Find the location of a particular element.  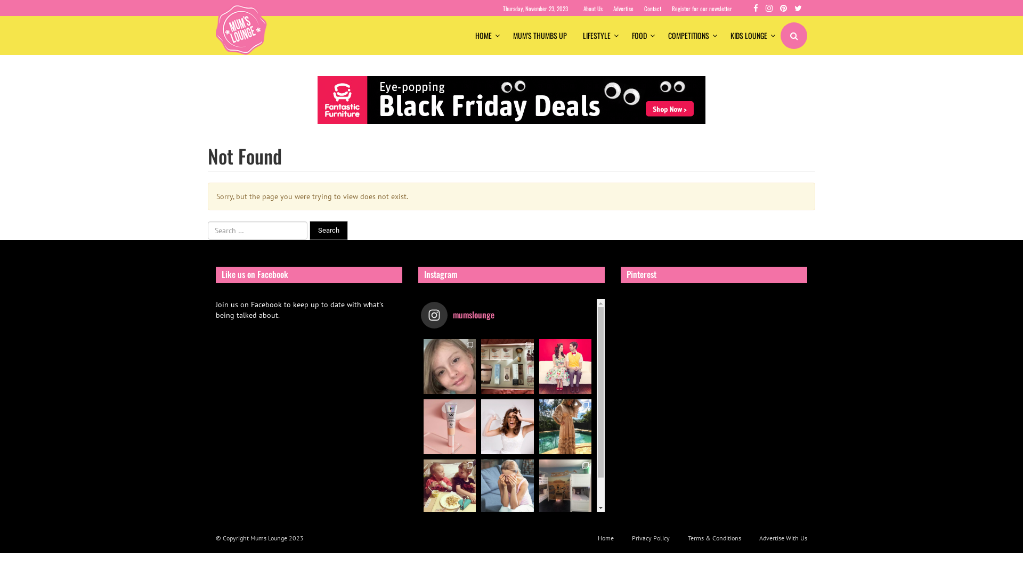

'HOME' is located at coordinates (485, 35).